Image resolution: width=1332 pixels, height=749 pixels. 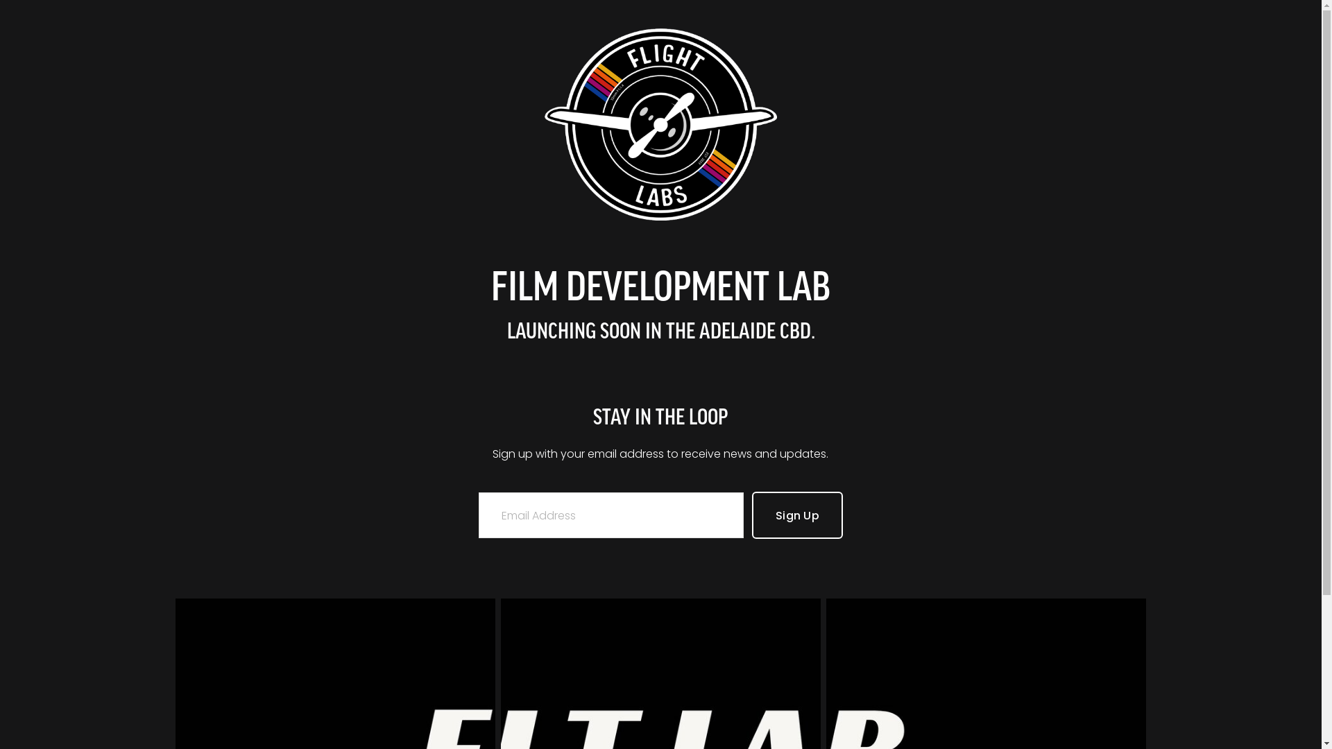 I want to click on 'Sign Up', so click(x=797, y=515).